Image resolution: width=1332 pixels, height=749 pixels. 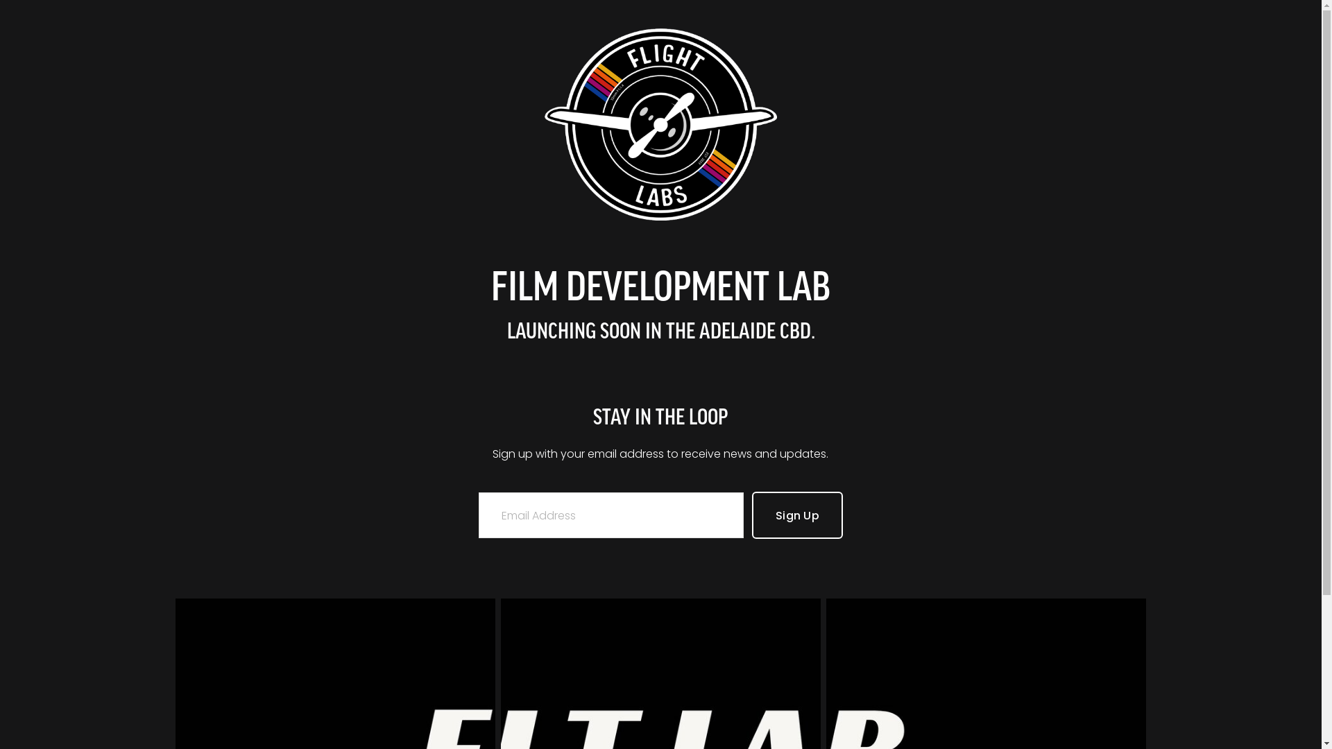 I want to click on 'Sign Up', so click(x=797, y=515).